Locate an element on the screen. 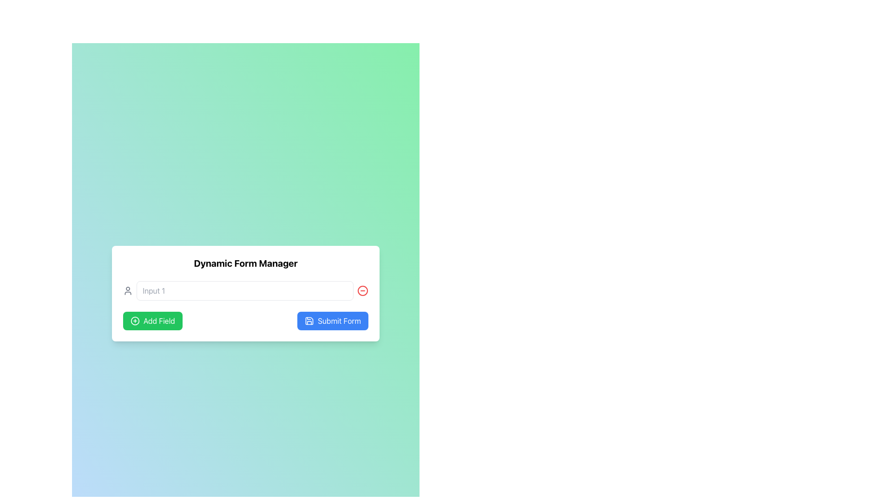  the save icon located to the left of the 'Submit Form' text within the rounded blue button at the bottom right corner of the form interface is located at coordinates (309, 320).